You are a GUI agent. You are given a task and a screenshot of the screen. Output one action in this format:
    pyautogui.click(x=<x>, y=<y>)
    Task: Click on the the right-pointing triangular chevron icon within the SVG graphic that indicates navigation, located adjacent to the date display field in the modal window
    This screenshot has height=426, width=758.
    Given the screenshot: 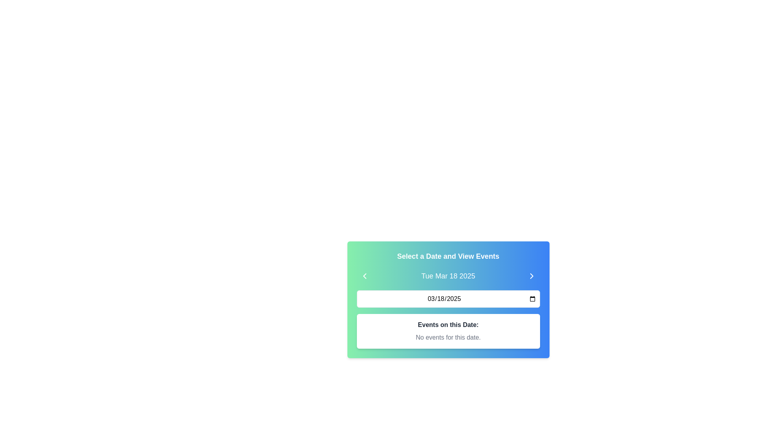 What is the action you would take?
    pyautogui.click(x=532, y=275)
    